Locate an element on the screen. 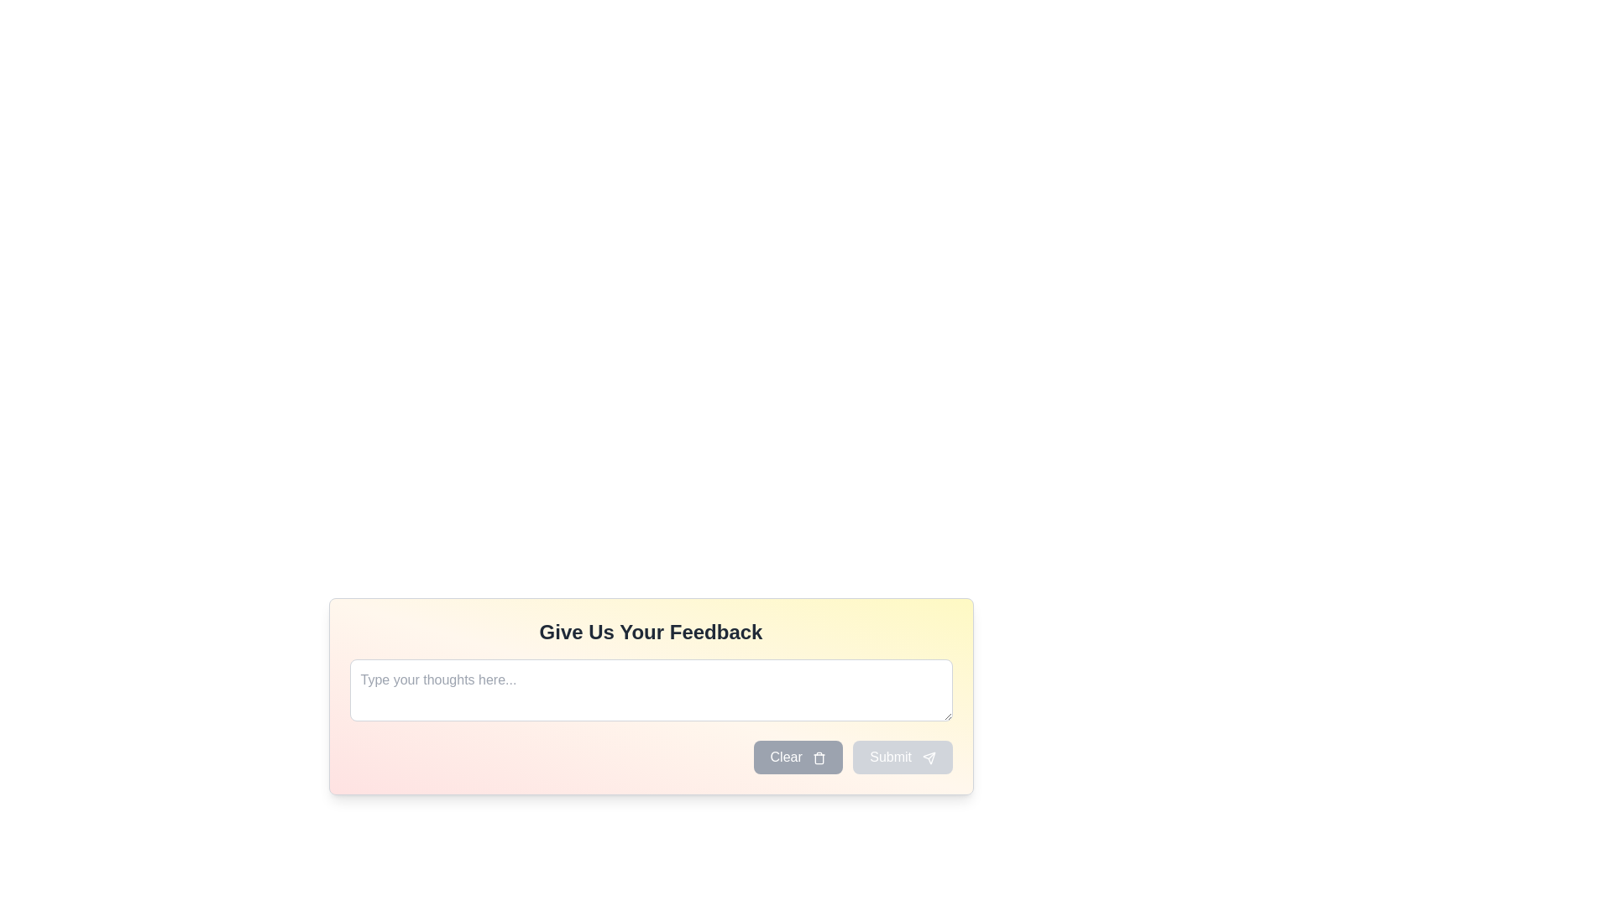 Image resolution: width=1612 pixels, height=906 pixels. the trash bin icon subcomponent located within the Clear button section at the center of the lower control bar of the feedback form UI is located at coordinates (819, 759).